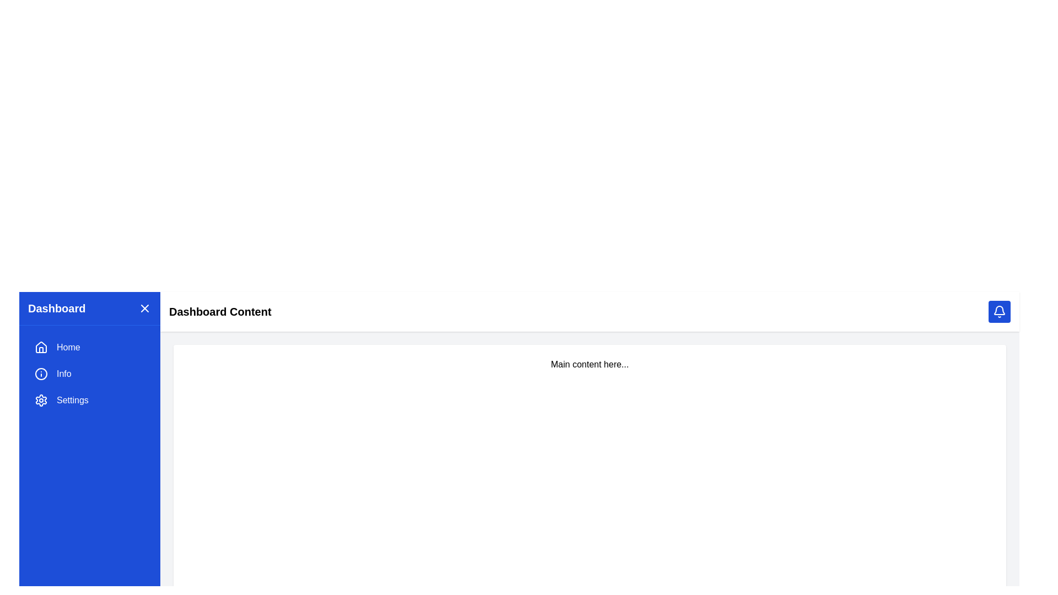  I want to click on the 'Info' text label located in the vertical navigation menu of the left sidebar to focus on it, so click(63, 373).